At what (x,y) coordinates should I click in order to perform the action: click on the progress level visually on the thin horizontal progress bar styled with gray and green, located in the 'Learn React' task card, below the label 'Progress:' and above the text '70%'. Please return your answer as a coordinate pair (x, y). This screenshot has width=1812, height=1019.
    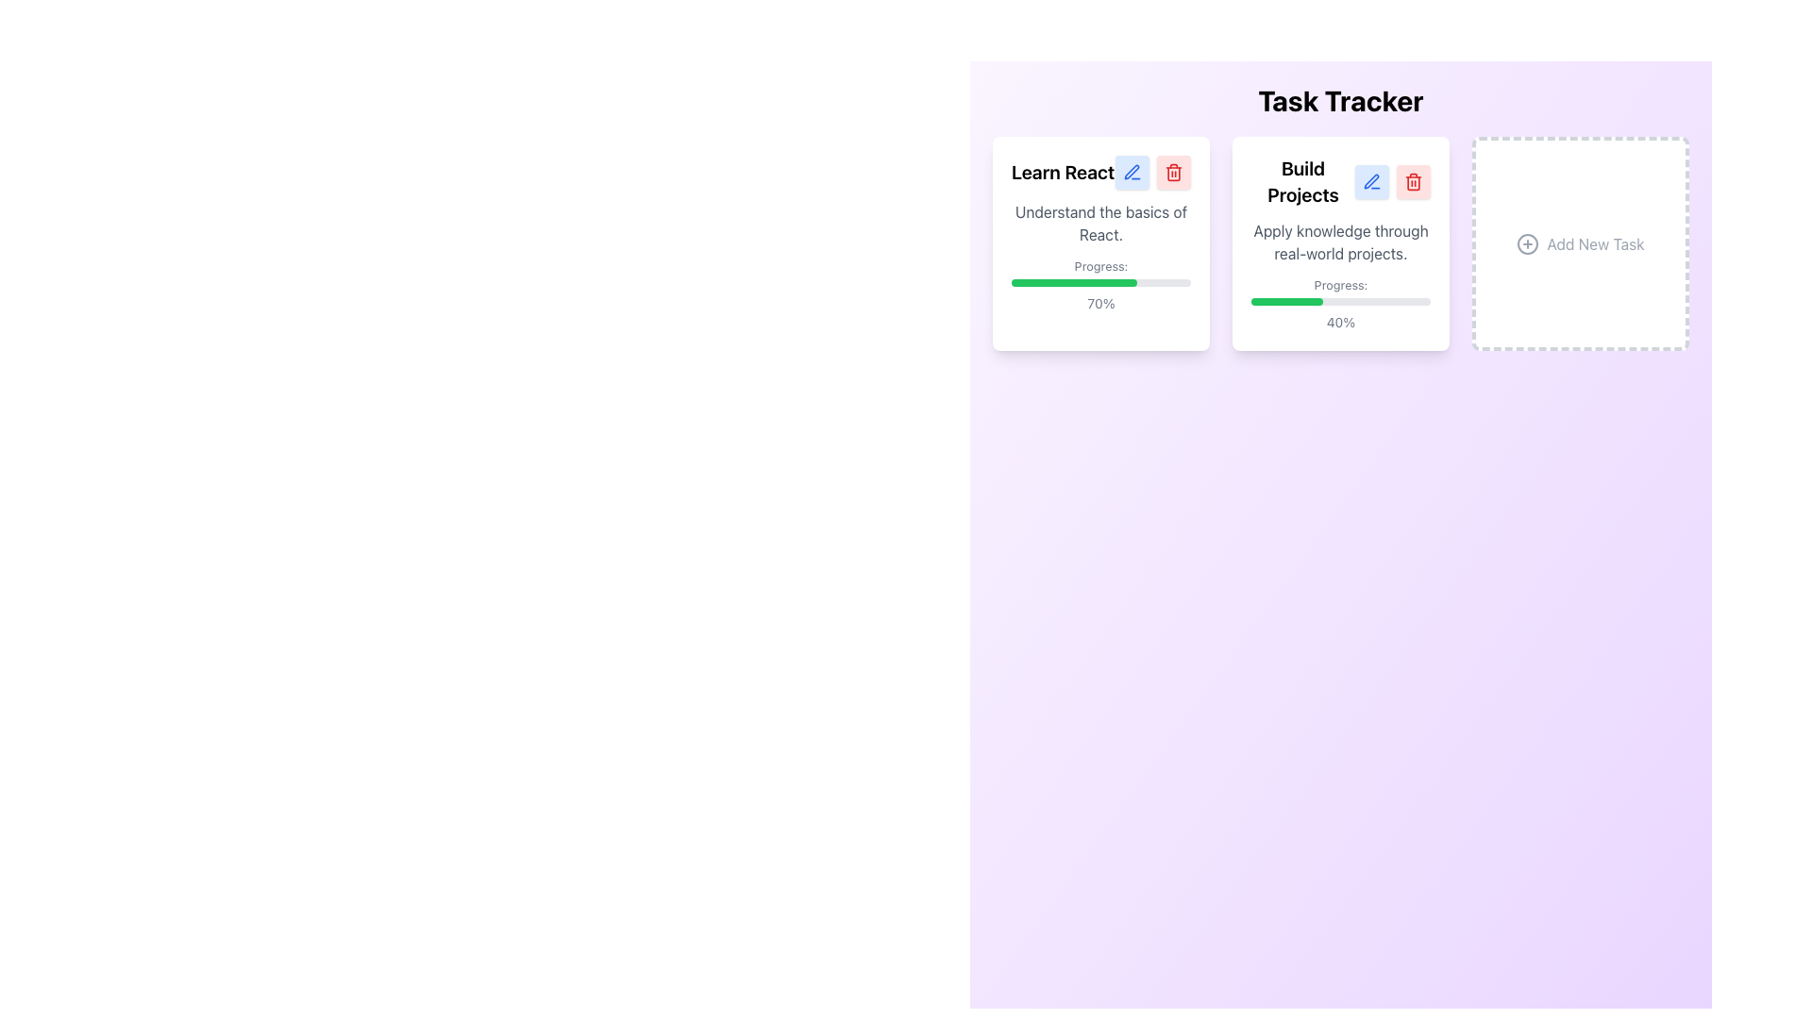
    Looking at the image, I should click on (1100, 283).